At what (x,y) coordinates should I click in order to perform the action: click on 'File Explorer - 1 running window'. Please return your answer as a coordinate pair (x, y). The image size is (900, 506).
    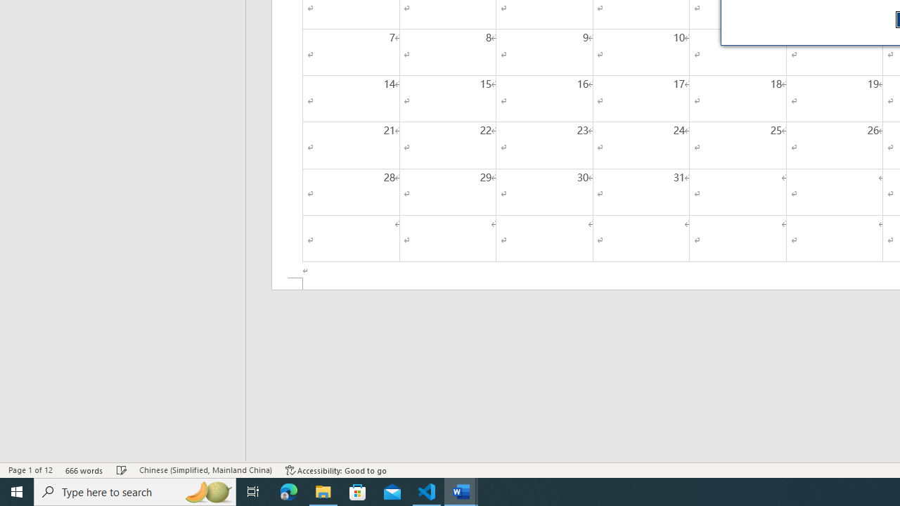
    Looking at the image, I should click on (323, 491).